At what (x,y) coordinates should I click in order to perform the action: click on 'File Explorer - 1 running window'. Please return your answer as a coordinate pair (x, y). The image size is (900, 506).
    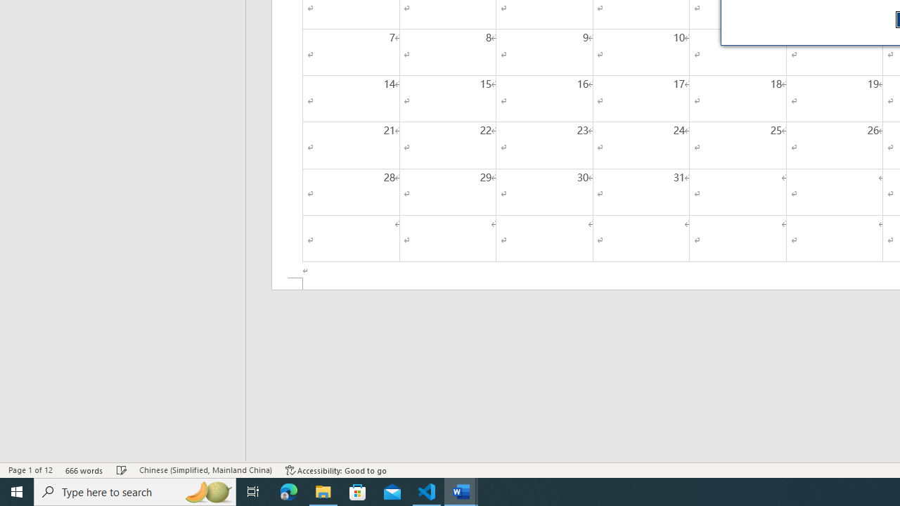
    Looking at the image, I should click on (323, 491).